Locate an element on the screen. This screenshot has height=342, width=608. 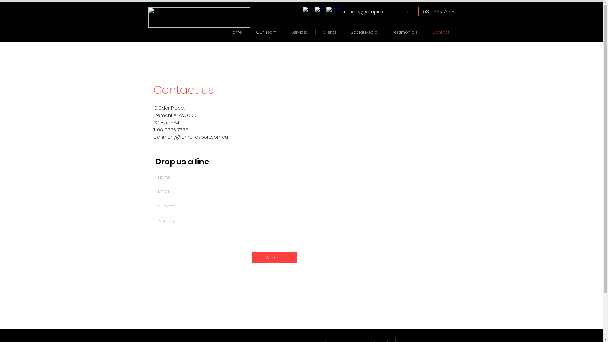
'Submit' is located at coordinates (251, 257).